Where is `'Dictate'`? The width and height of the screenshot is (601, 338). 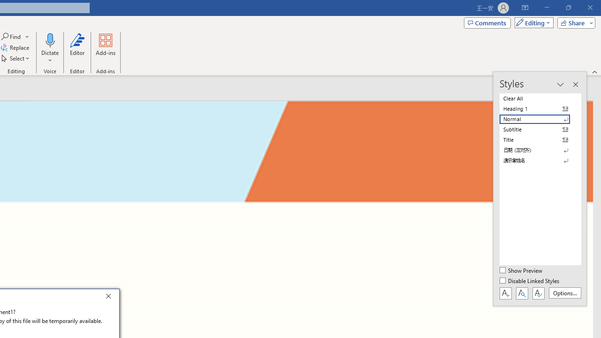
'Dictate' is located at coordinates (49, 39).